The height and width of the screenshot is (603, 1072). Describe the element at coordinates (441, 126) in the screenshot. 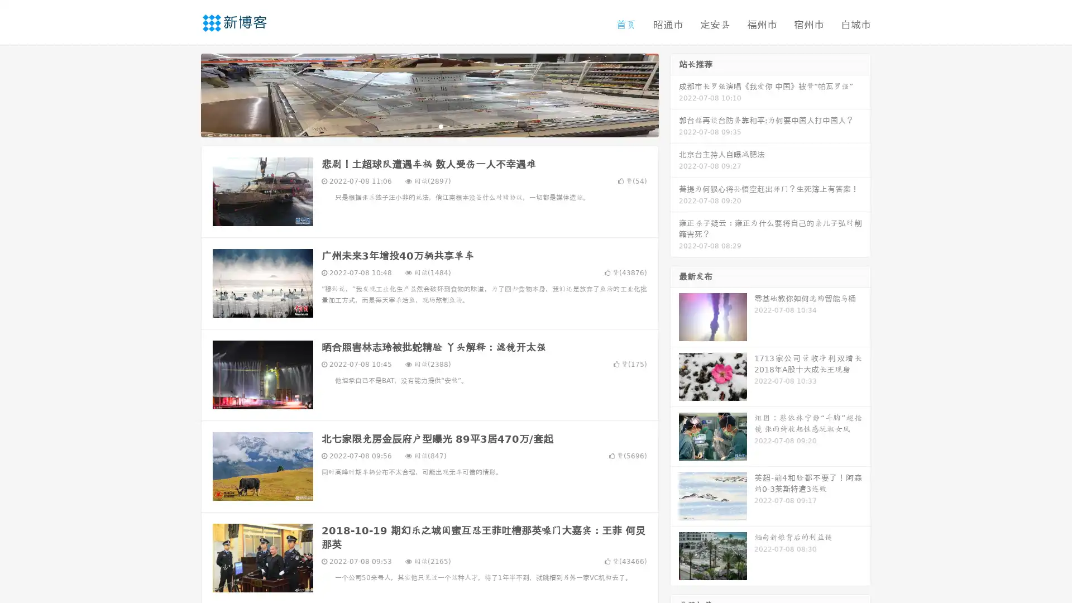

I see `Go to slide 3` at that location.